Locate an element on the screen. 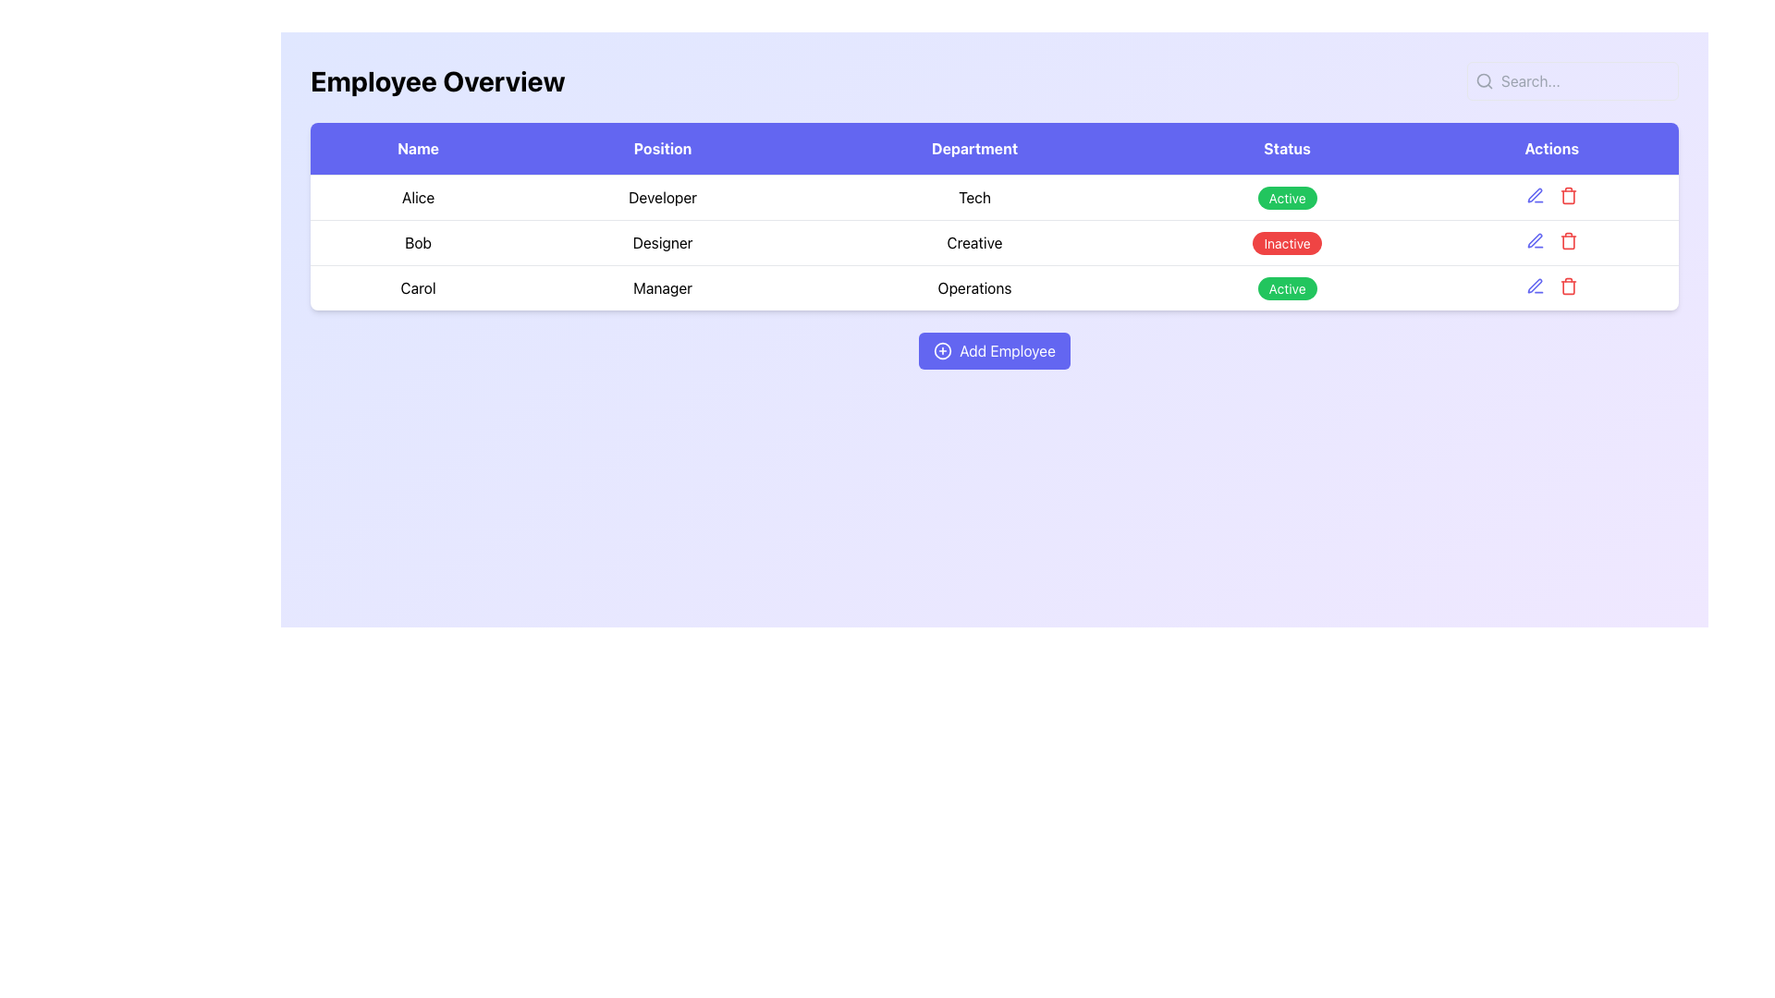 The image size is (1775, 998). the Static Text element displaying 'Carol' located in the third row under the 'Name' column of the table is located at coordinates (417, 287).